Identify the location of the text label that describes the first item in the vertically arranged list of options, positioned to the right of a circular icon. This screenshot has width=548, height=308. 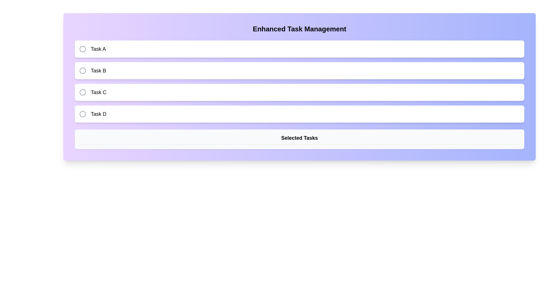
(98, 49).